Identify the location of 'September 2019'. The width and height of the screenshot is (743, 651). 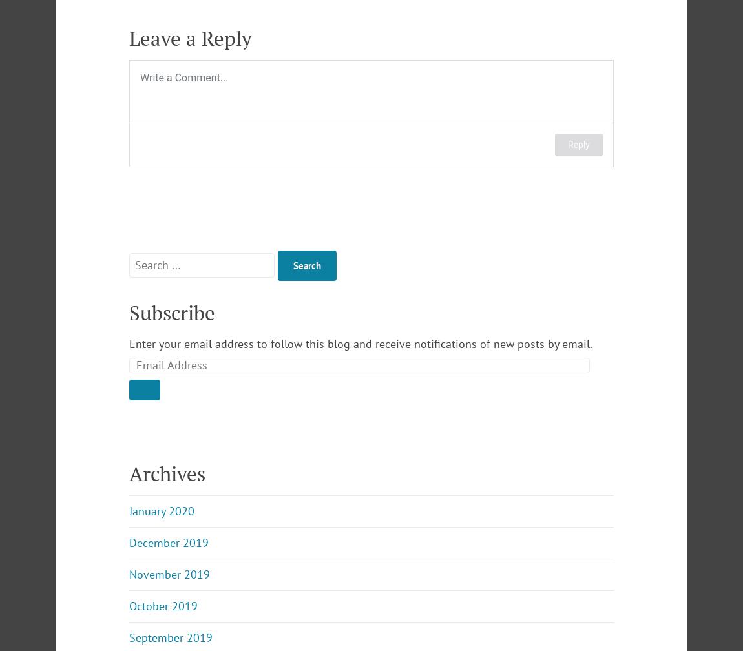
(170, 637).